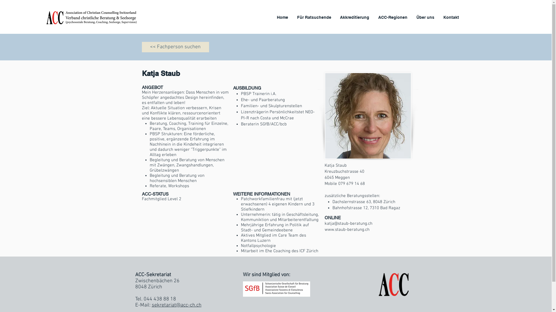 Image resolution: width=556 pixels, height=312 pixels. I want to click on 'katja@staub-beratung.ch', so click(348, 223).